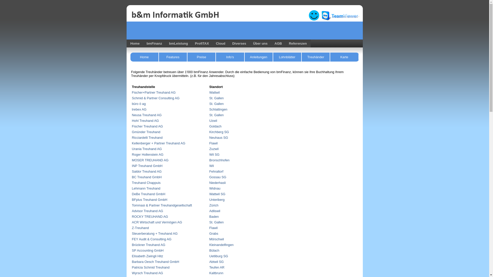  I want to click on 'Cloud', so click(221, 43).